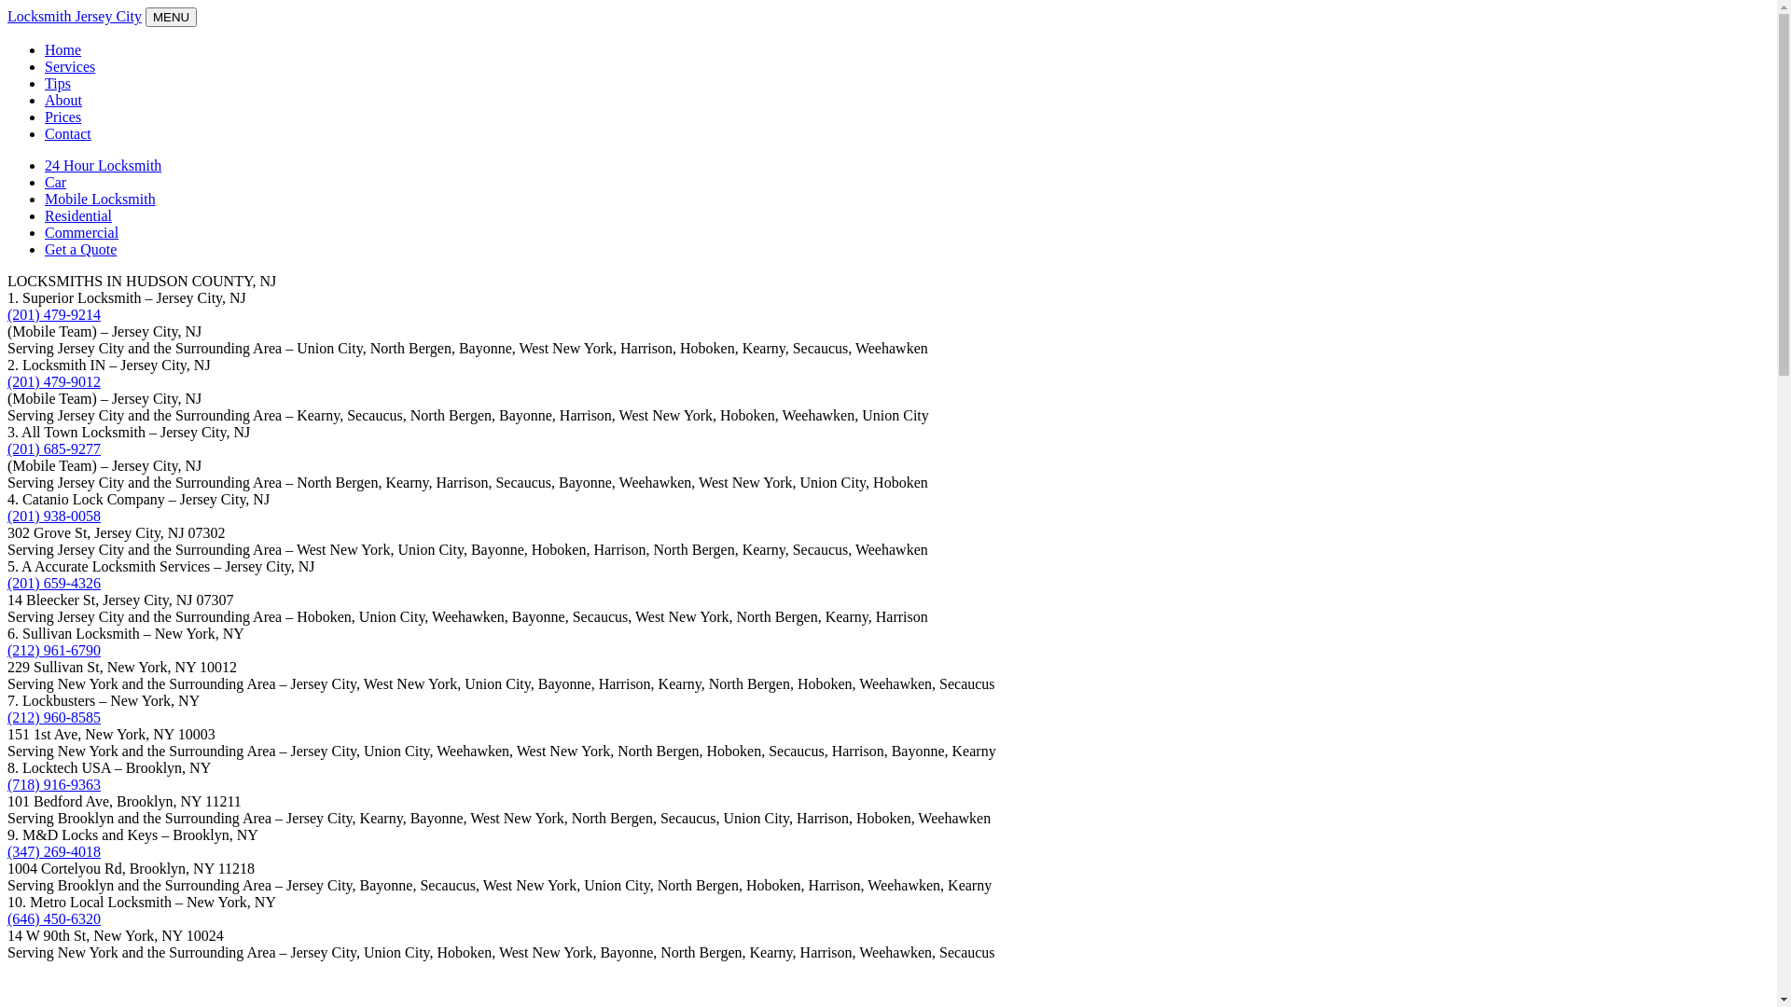 This screenshot has width=1791, height=1007. Describe the element at coordinates (7, 16) in the screenshot. I see `'Locksmith Jersey City'` at that location.